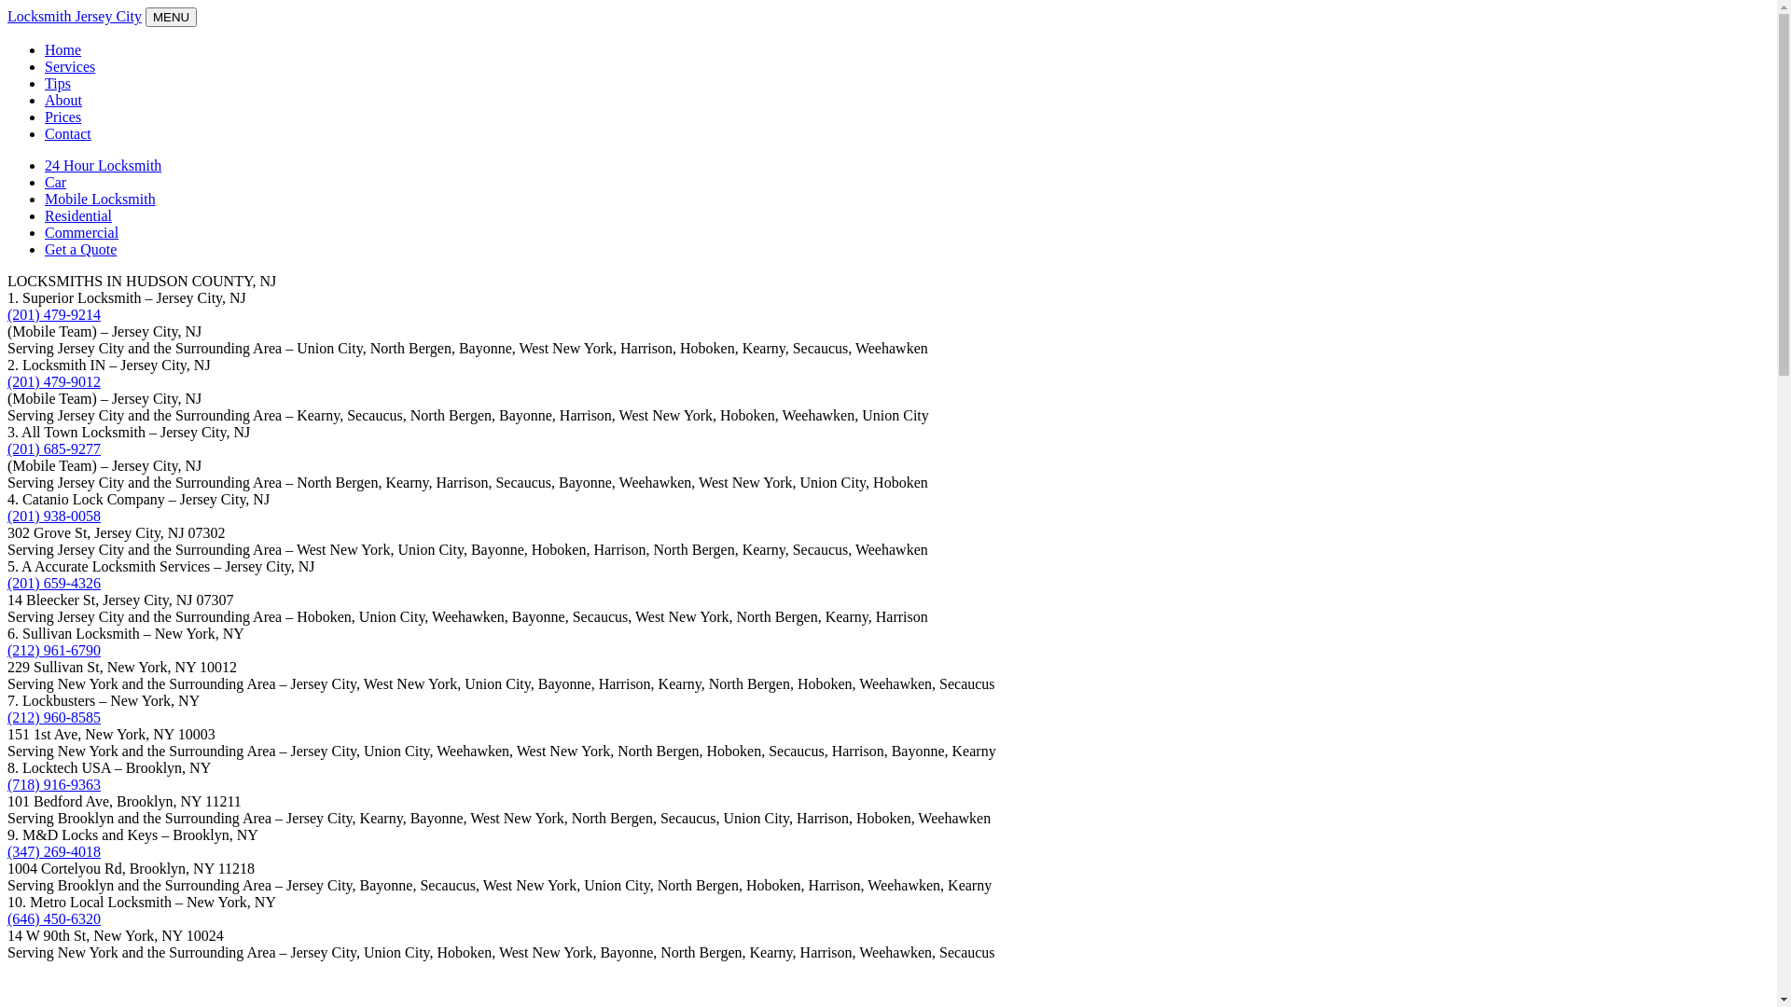 This screenshot has width=1791, height=1007. Describe the element at coordinates (7, 16) in the screenshot. I see `'Locksmith Jersey City'` at that location.